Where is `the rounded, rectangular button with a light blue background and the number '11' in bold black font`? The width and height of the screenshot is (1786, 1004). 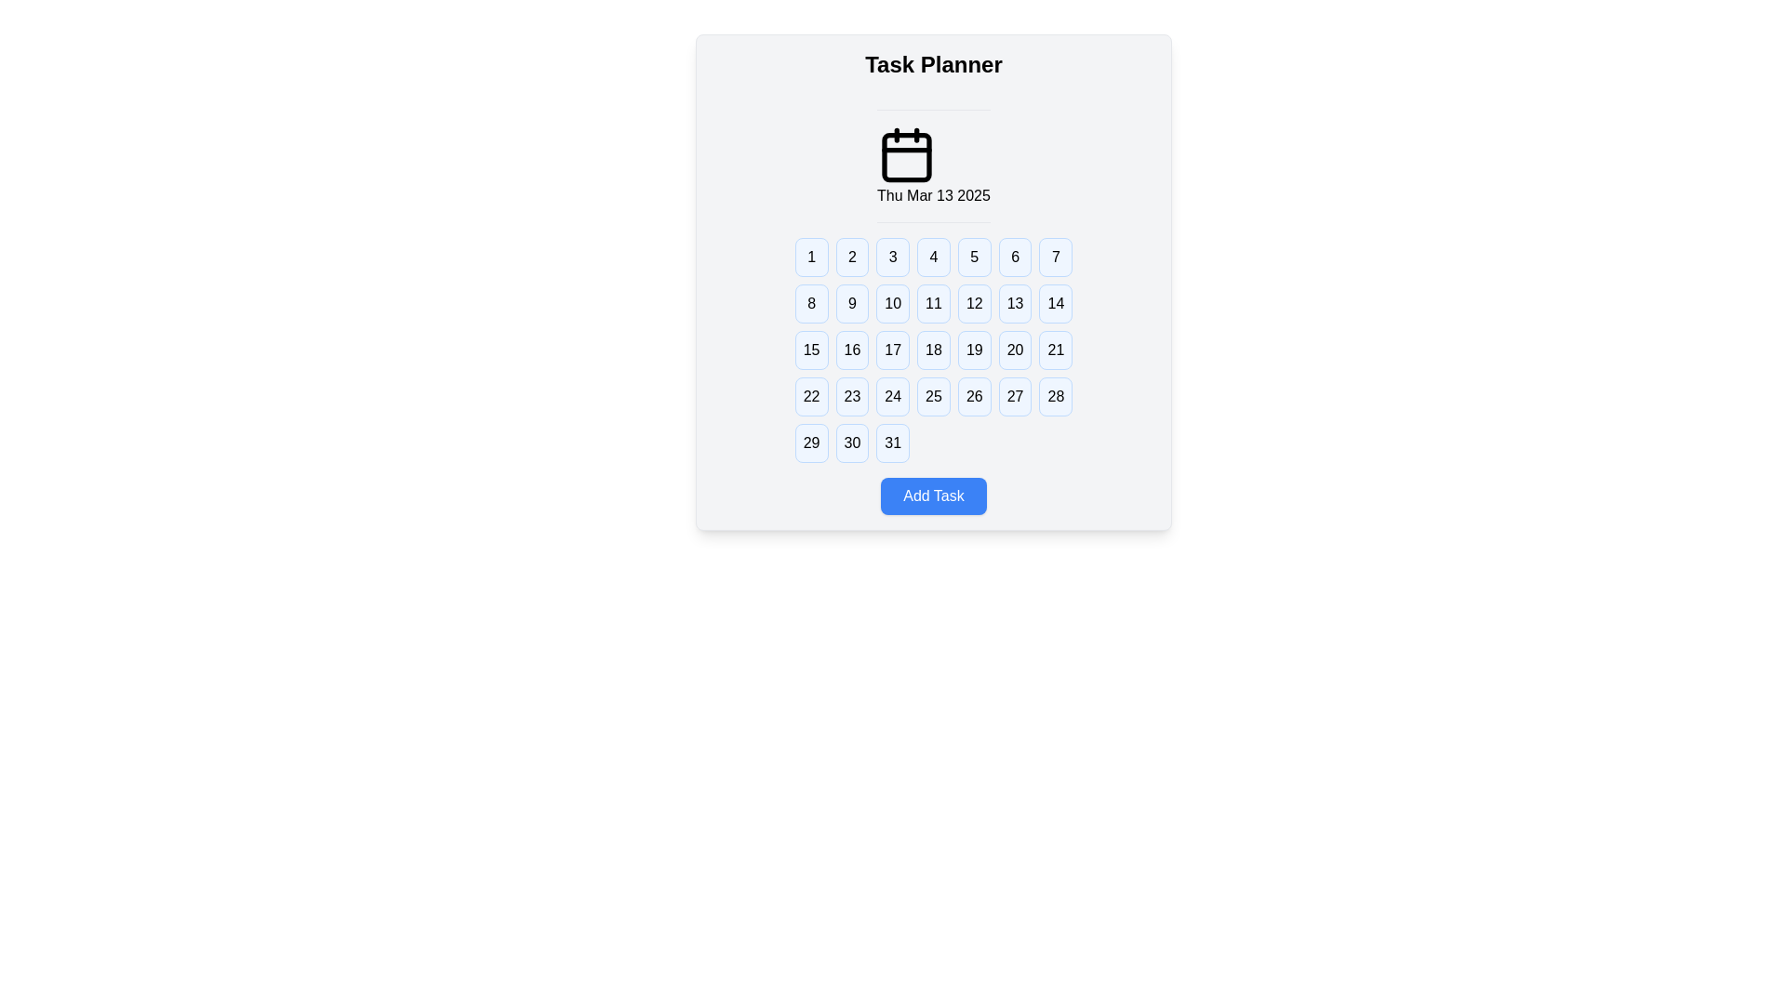
the rounded, rectangular button with a light blue background and the number '11' in bold black font is located at coordinates (933, 303).